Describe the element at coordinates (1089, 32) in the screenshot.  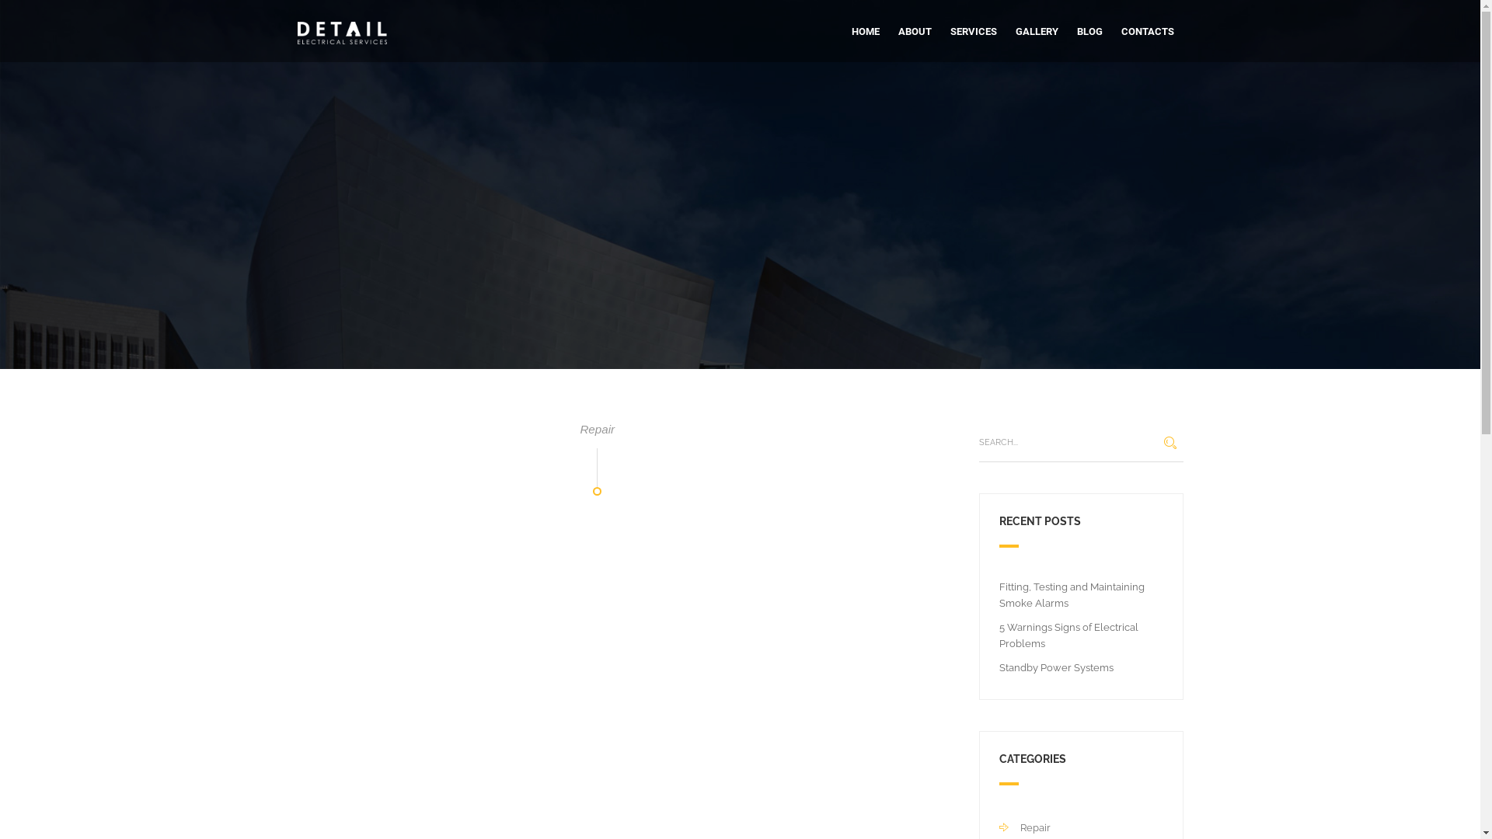
I see `'BLOG'` at that location.